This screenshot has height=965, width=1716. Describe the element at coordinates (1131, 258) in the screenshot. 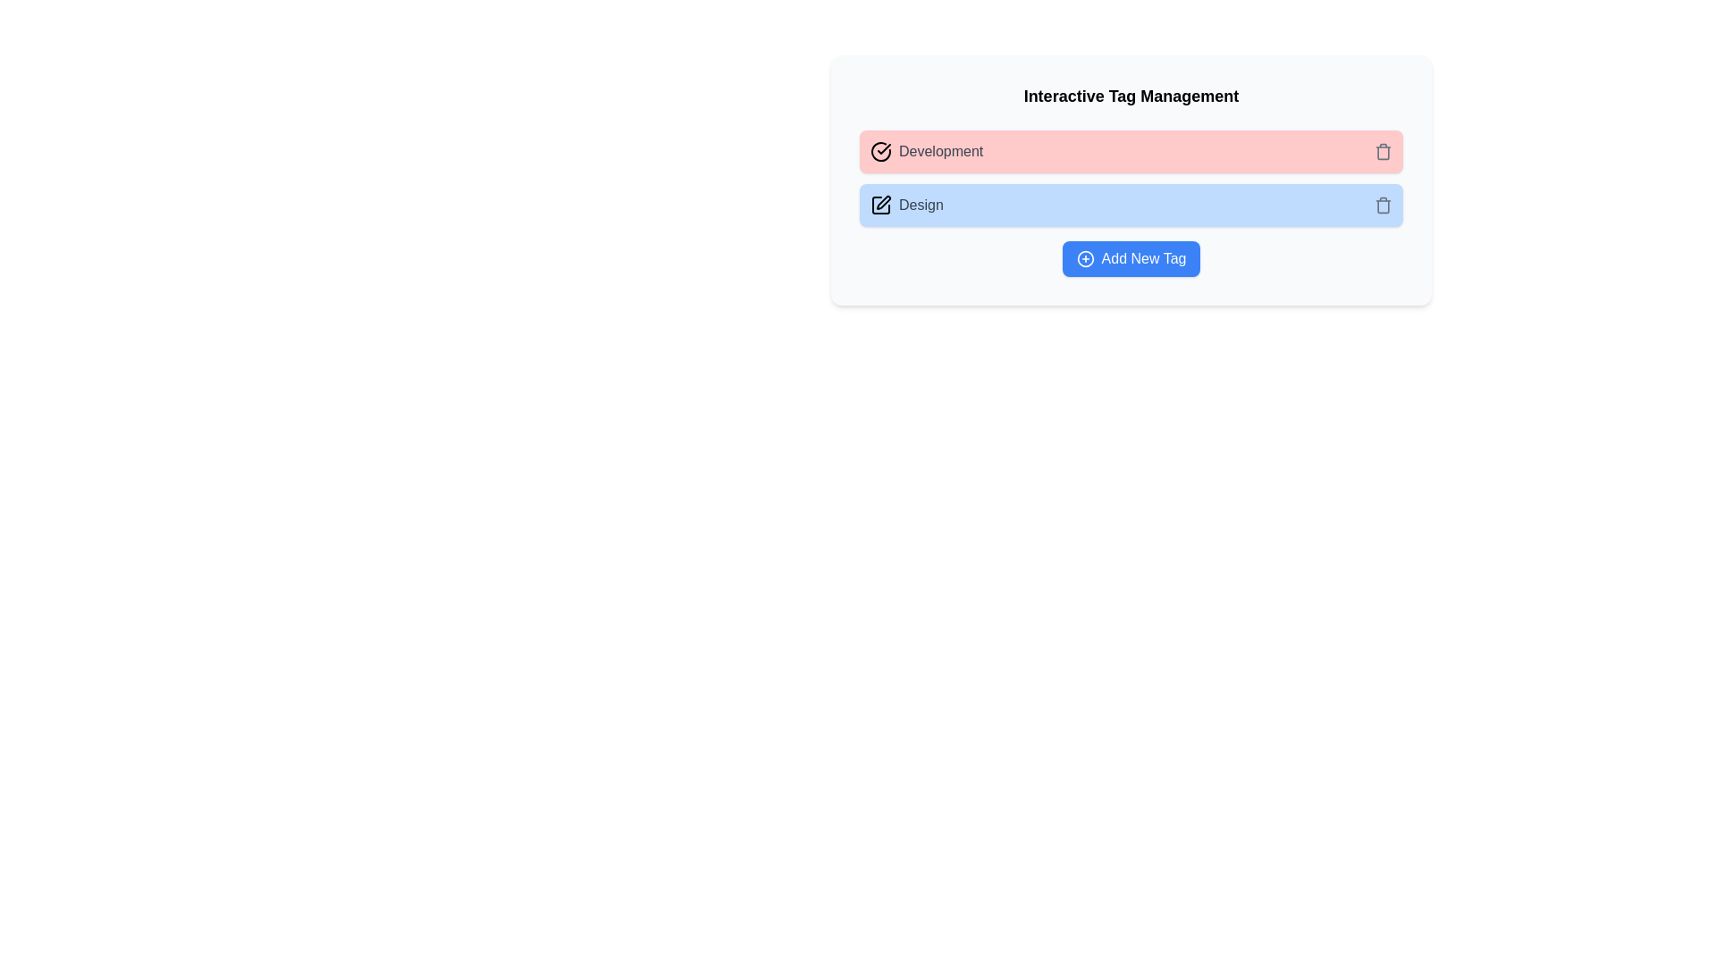

I see `the 'Add New Tag' button, which is a blue button with white text and an icon, positioned at the bottom of the content box, to trigger tooltip or styling effects` at that location.